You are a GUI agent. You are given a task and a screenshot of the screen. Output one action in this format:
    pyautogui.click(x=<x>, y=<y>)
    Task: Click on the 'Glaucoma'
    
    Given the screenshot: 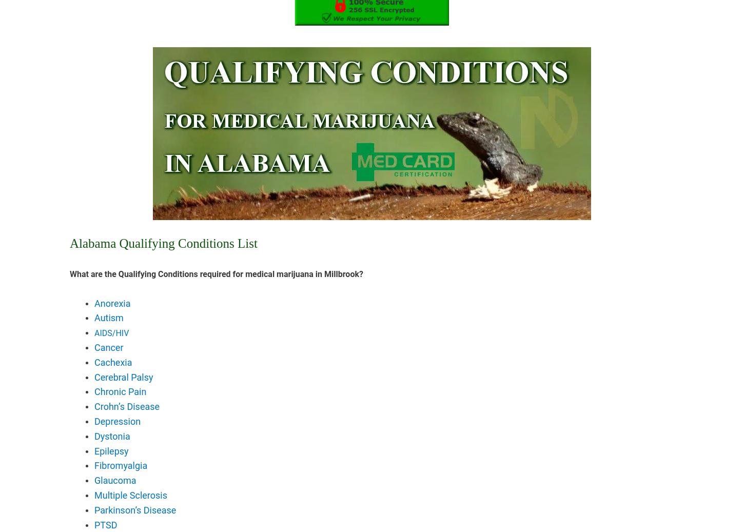 What is the action you would take?
    pyautogui.click(x=114, y=480)
    